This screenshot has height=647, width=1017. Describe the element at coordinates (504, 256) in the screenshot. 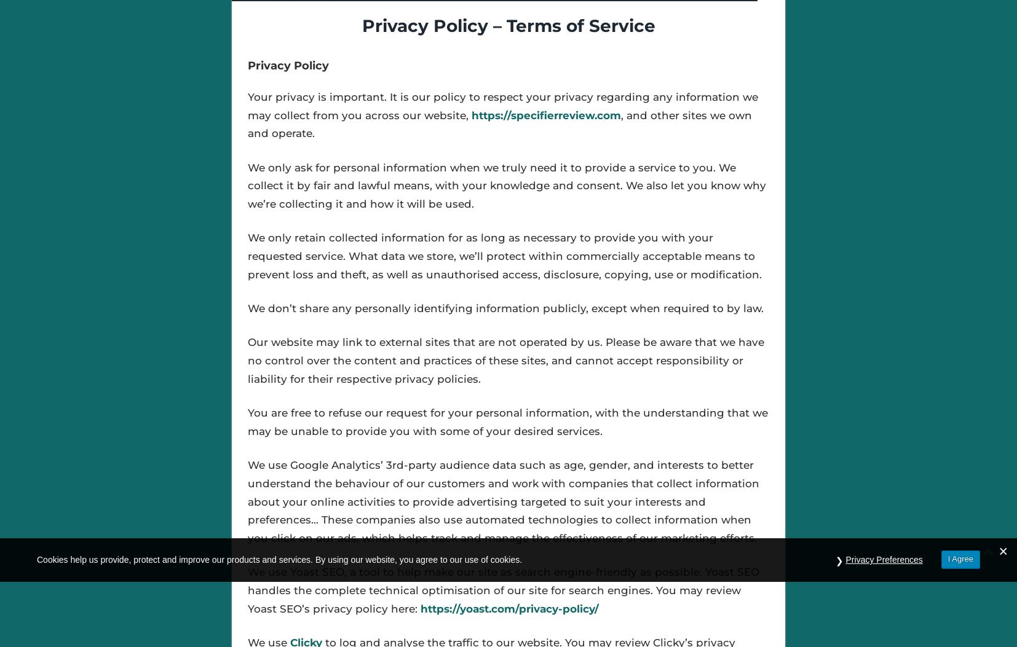

I see `'We only retain collected information for as long as necessary to provide you with your requested service. What data we store, we’ll protect within commercially acceptable means to prevent loss and theft, as well as unauthorised access, disclosure, copying, use or modification.'` at that location.